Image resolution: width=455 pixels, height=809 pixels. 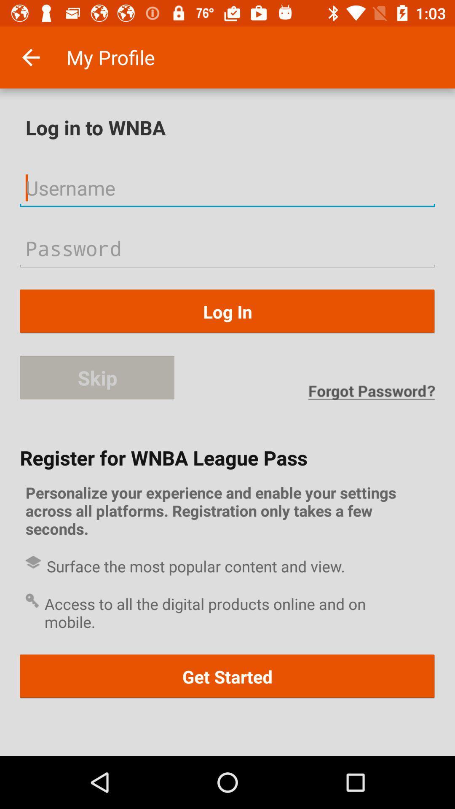 What do you see at coordinates (371, 392) in the screenshot?
I see `password reset` at bounding box center [371, 392].